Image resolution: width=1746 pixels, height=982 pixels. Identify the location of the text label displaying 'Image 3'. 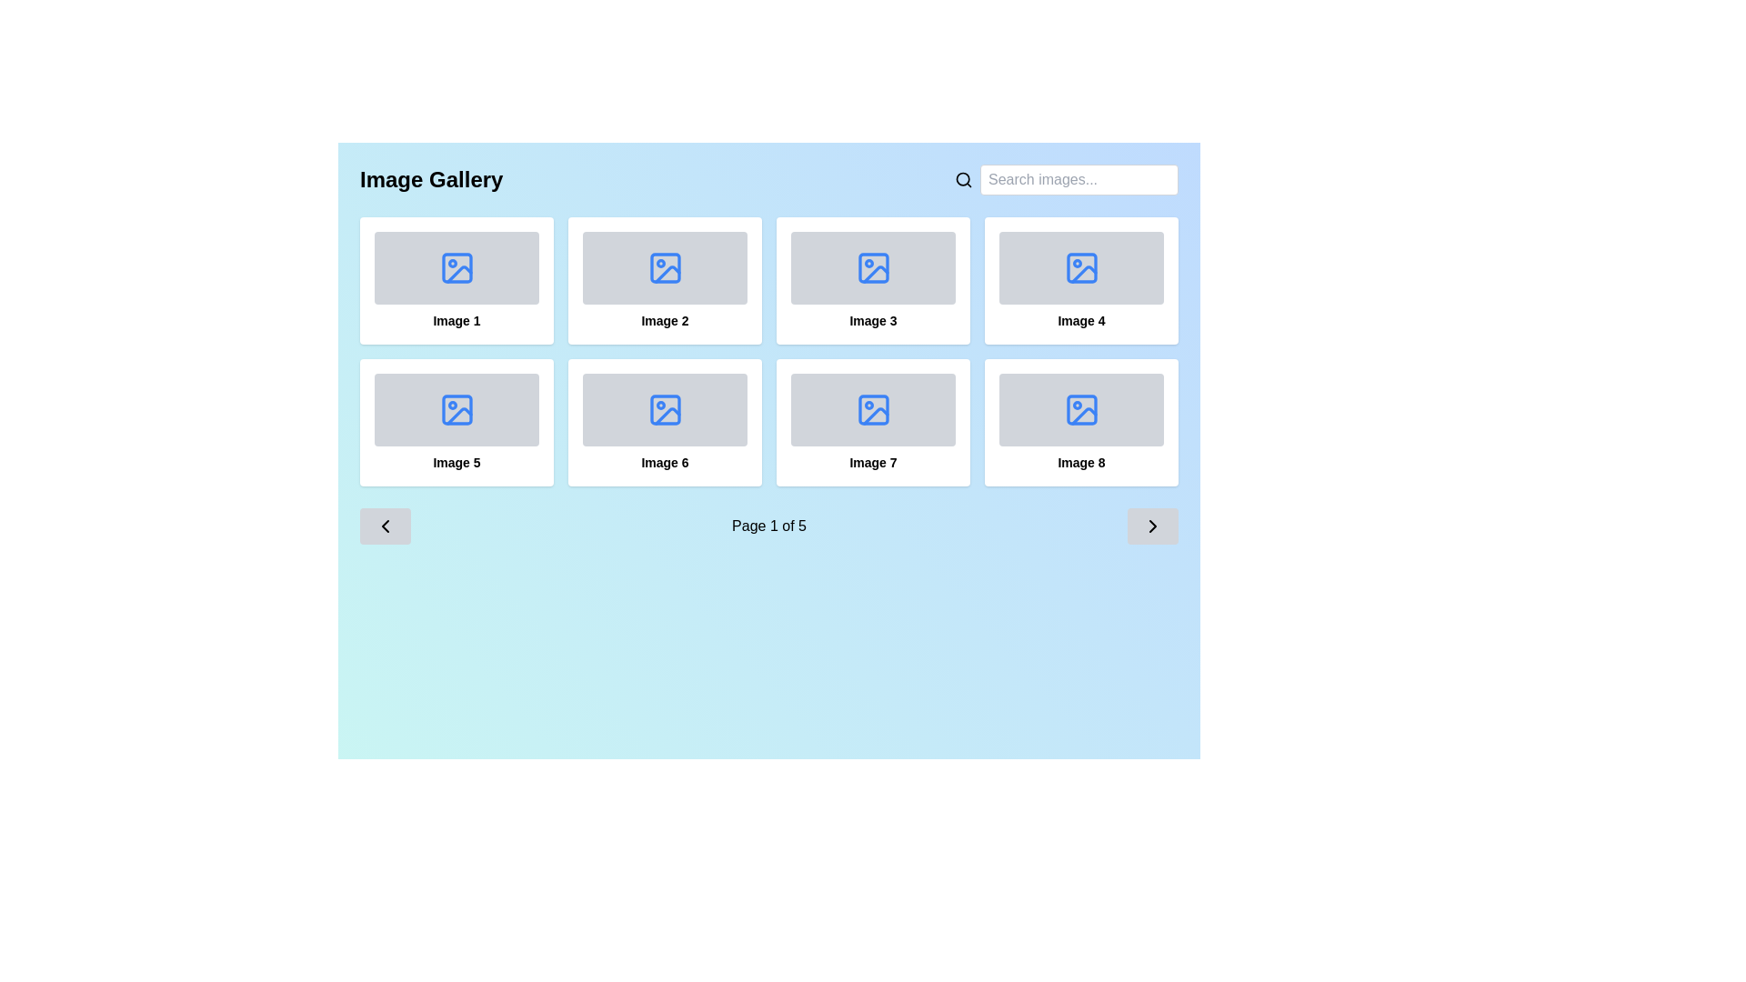
(873, 320).